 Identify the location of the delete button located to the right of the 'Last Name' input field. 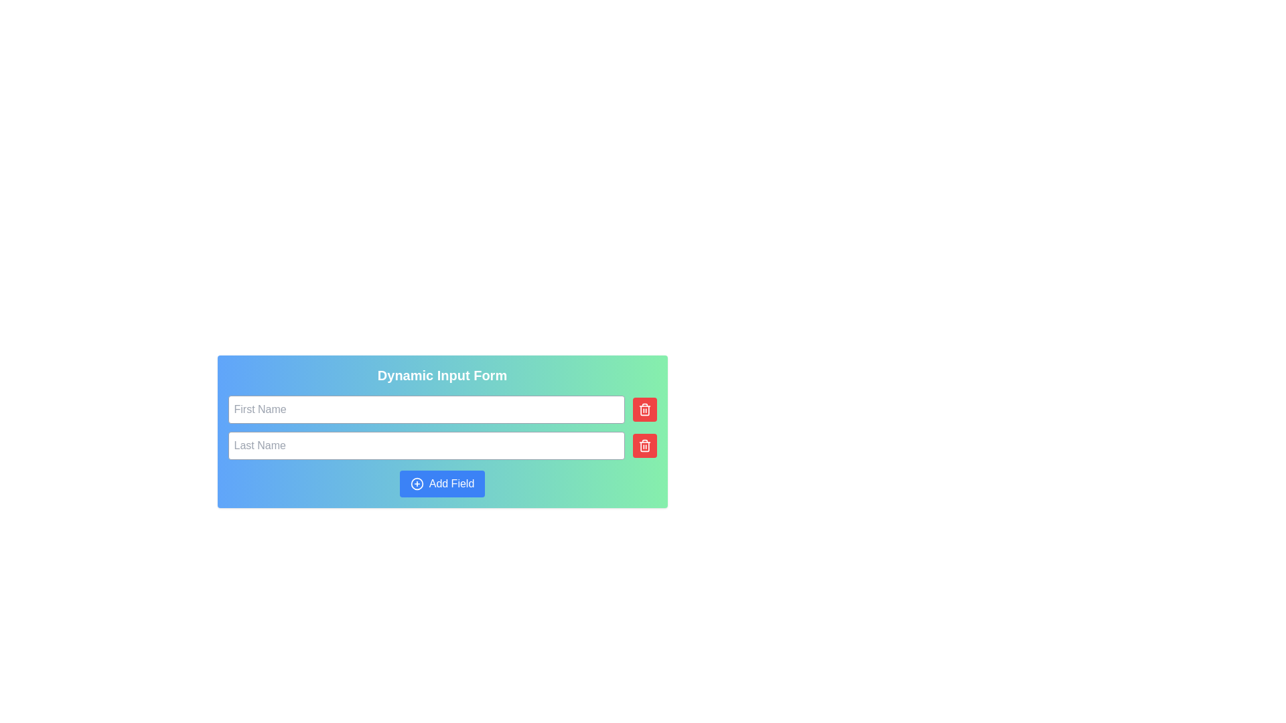
(644, 446).